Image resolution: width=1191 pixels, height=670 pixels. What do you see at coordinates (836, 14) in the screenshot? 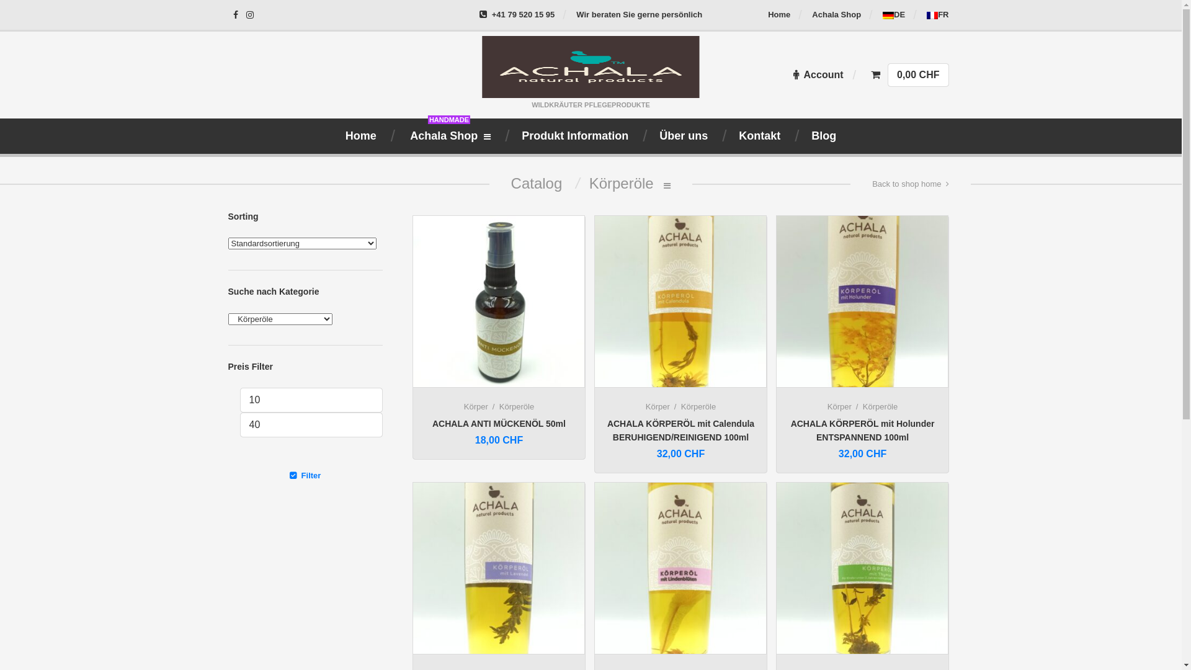
I see `'Achala Shop'` at bounding box center [836, 14].